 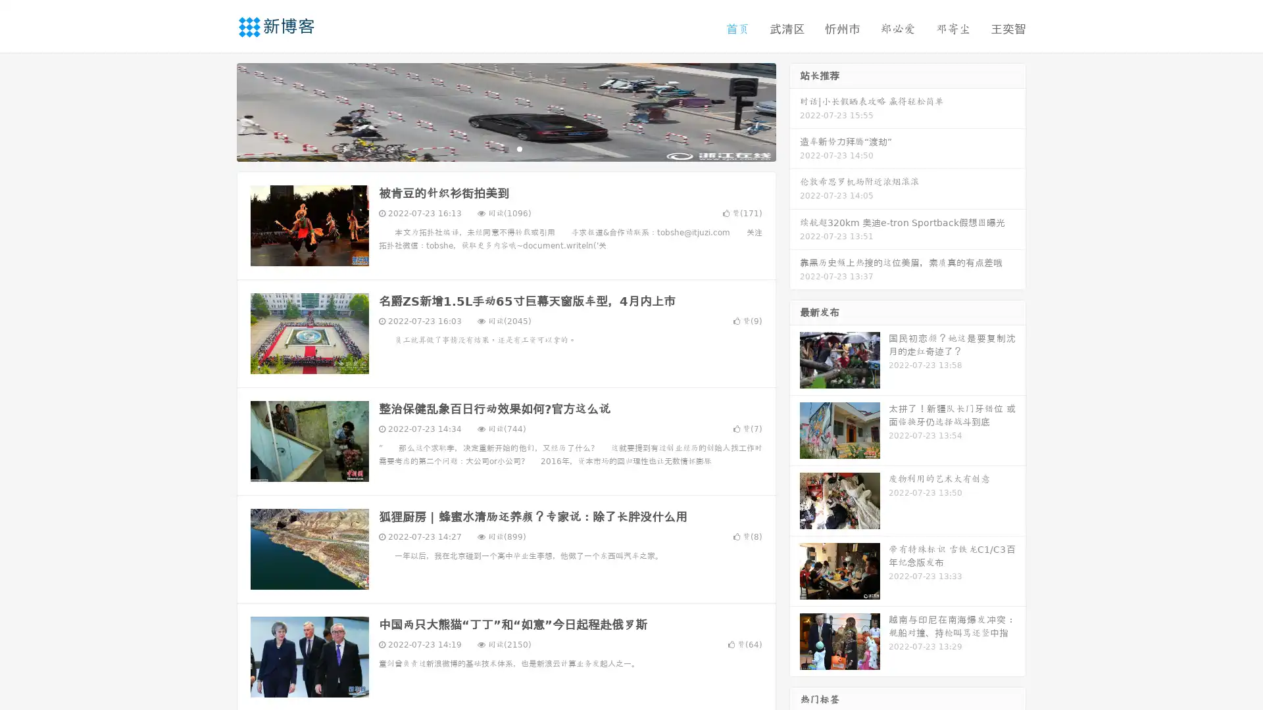 I want to click on Go to slide 3, so click(x=519, y=148).